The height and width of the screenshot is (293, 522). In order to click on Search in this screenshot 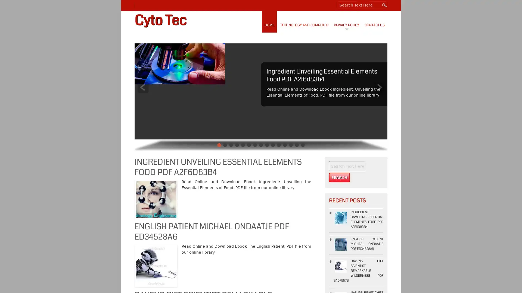, I will do `click(339, 177)`.